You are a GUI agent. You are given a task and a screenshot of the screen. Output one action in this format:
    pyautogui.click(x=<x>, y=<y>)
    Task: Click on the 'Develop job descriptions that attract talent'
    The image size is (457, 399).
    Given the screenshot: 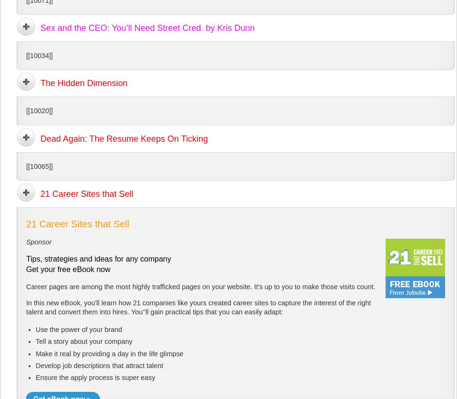 What is the action you would take?
    pyautogui.click(x=35, y=365)
    